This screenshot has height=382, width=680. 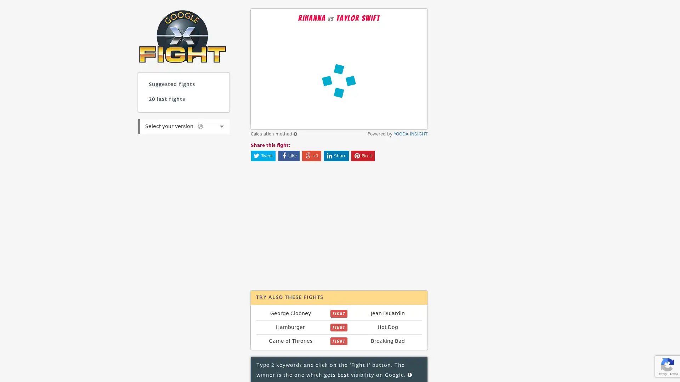 What do you see at coordinates (338, 327) in the screenshot?
I see `FIGHT` at bounding box center [338, 327].